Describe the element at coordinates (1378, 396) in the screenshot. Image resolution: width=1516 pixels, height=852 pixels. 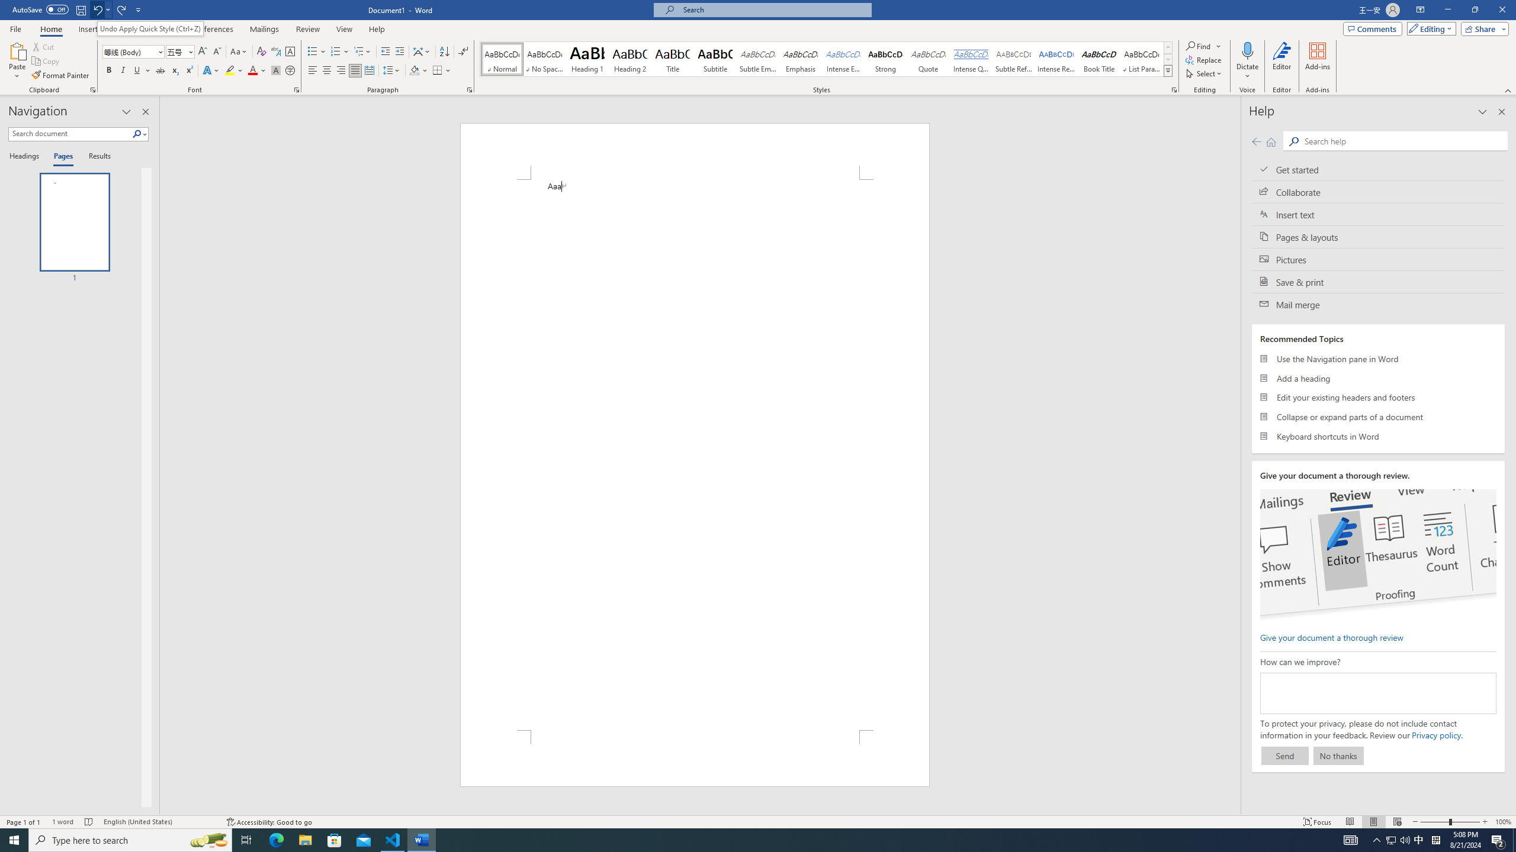
I see `'Edit your existing headers and footers'` at that location.